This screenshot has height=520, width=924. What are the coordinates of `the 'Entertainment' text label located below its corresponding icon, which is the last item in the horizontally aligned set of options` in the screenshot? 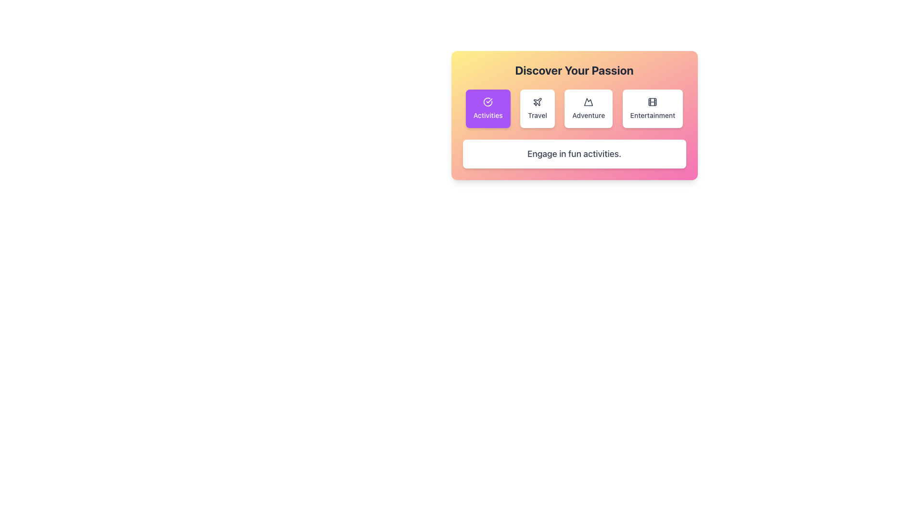 It's located at (653, 115).